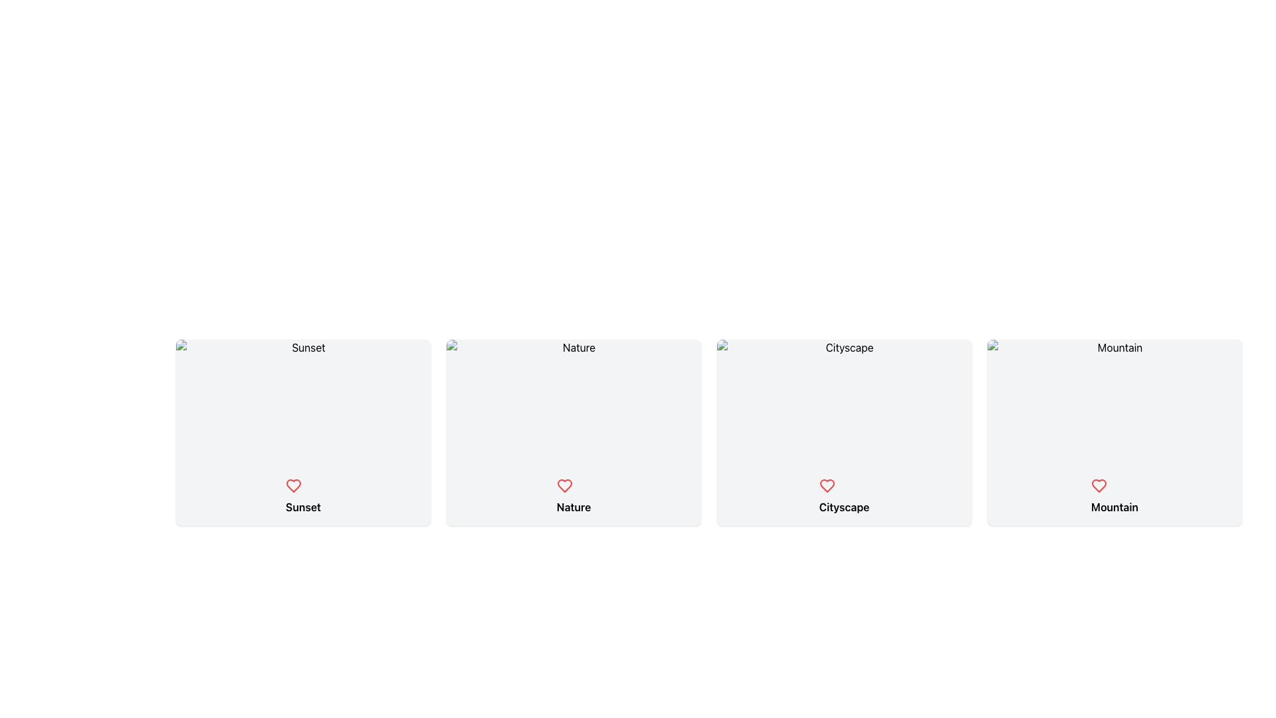 The width and height of the screenshot is (1276, 718). What do you see at coordinates (1115, 433) in the screenshot?
I see `the fourth card in the grid labeled 'Mountain', which features a red heart icon and an image placeholder, located in the top-right region with a light gray background` at bounding box center [1115, 433].